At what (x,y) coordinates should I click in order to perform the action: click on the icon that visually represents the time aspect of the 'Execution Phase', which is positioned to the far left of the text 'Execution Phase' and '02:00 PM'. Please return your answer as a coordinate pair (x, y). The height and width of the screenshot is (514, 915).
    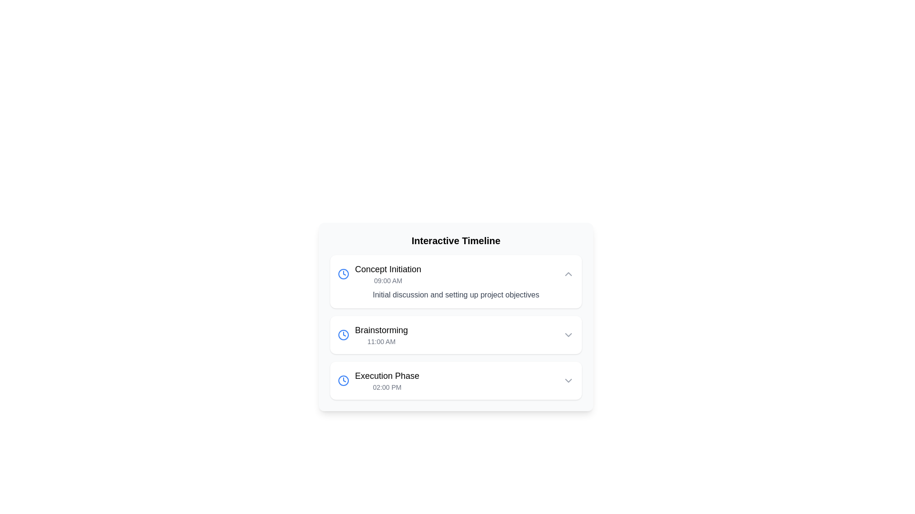
    Looking at the image, I should click on (343, 380).